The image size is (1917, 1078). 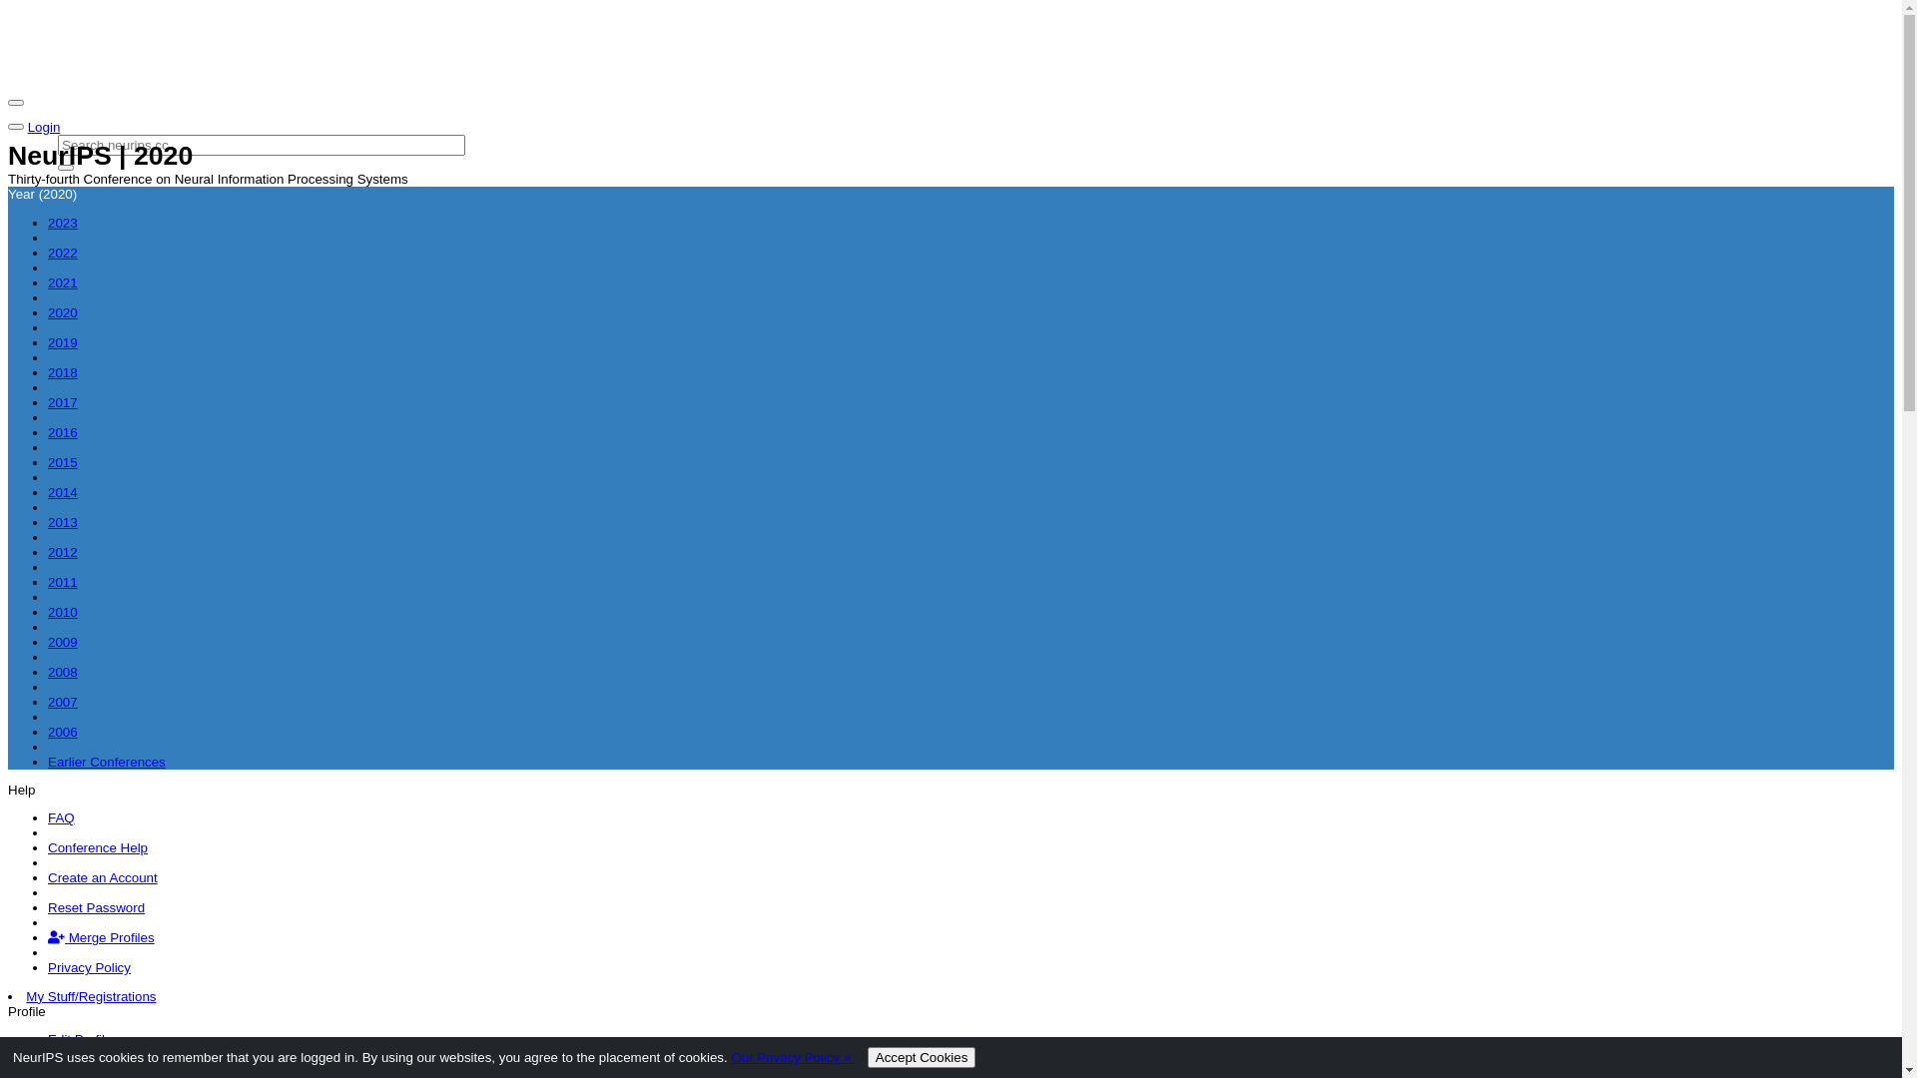 What do you see at coordinates (80, 1038) in the screenshot?
I see `'Edit Profile'` at bounding box center [80, 1038].